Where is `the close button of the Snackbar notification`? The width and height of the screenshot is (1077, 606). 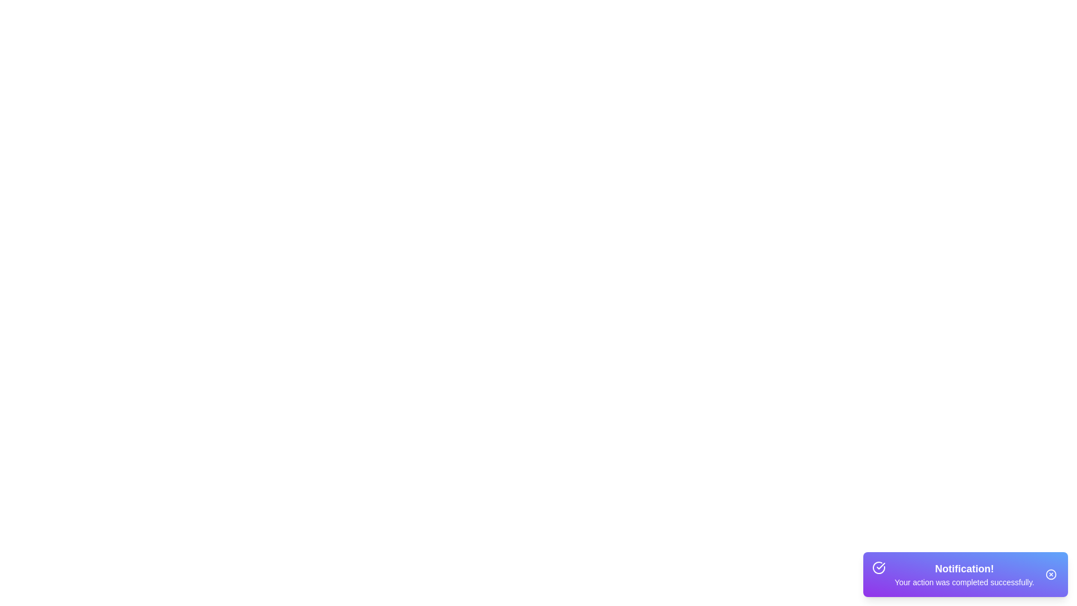
the close button of the Snackbar notification is located at coordinates (1050, 574).